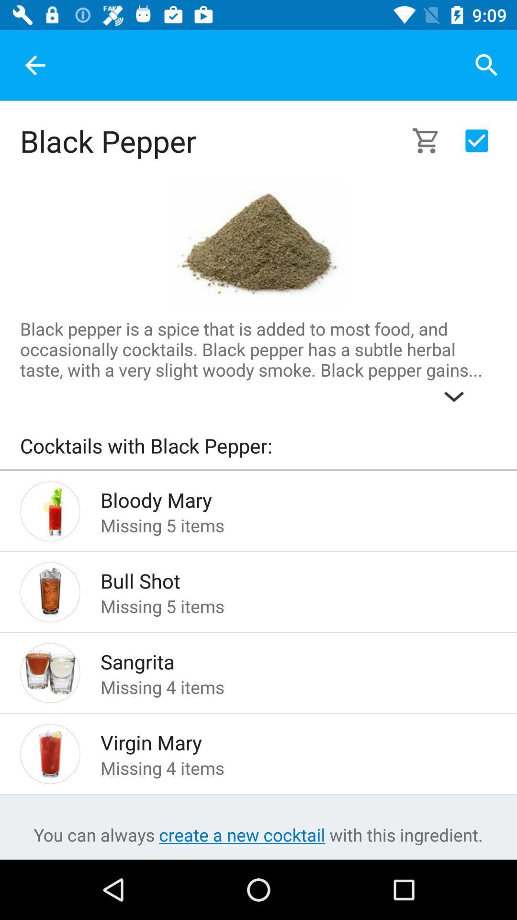  What do you see at coordinates (283, 497) in the screenshot?
I see `the icon above the missing 5 items icon` at bounding box center [283, 497].